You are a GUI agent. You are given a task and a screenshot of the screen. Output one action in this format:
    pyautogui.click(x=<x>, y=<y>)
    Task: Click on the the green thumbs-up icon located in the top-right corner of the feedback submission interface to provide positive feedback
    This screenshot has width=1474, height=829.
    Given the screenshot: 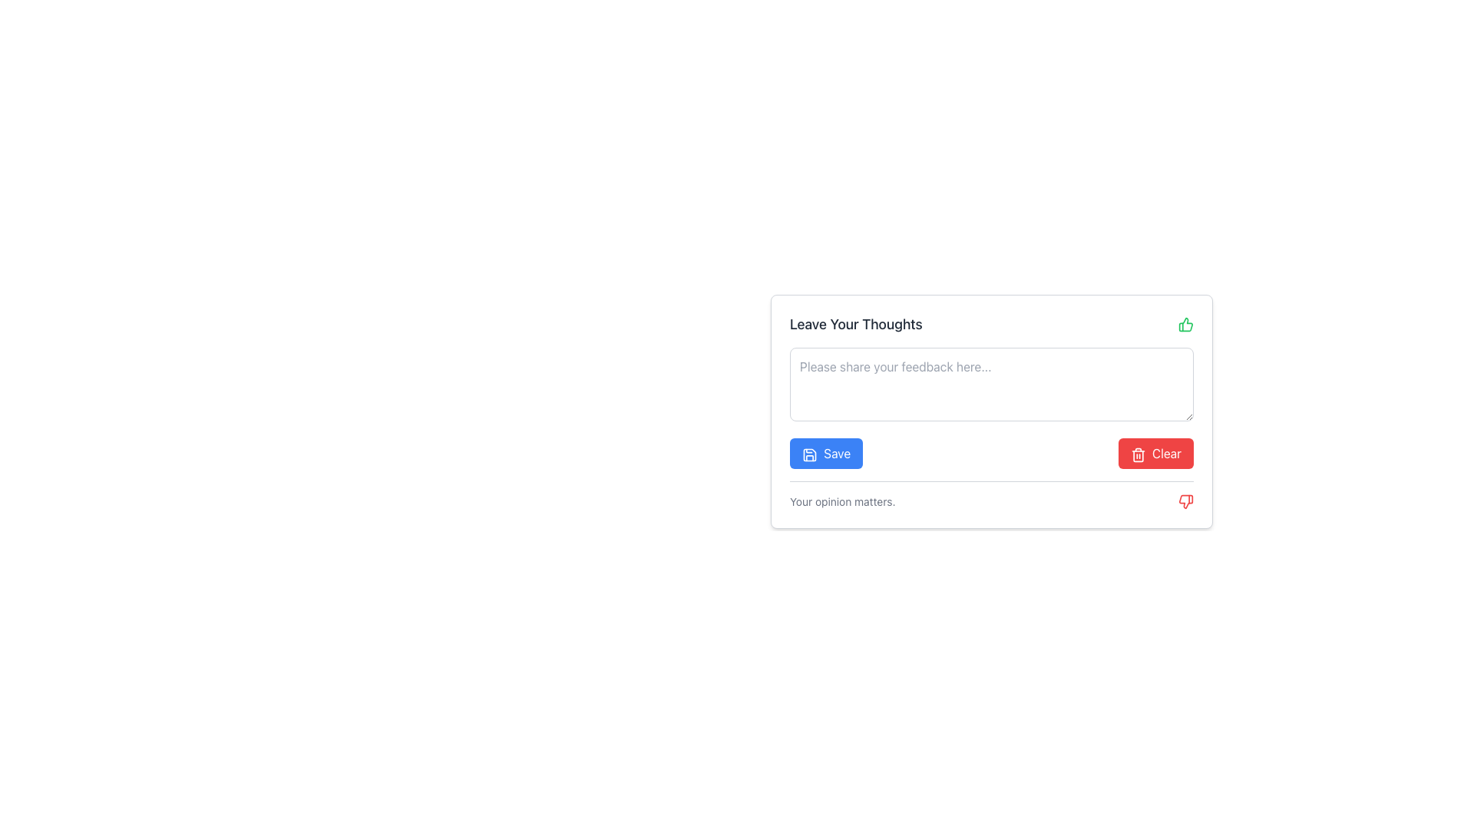 What is the action you would take?
    pyautogui.click(x=1185, y=324)
    